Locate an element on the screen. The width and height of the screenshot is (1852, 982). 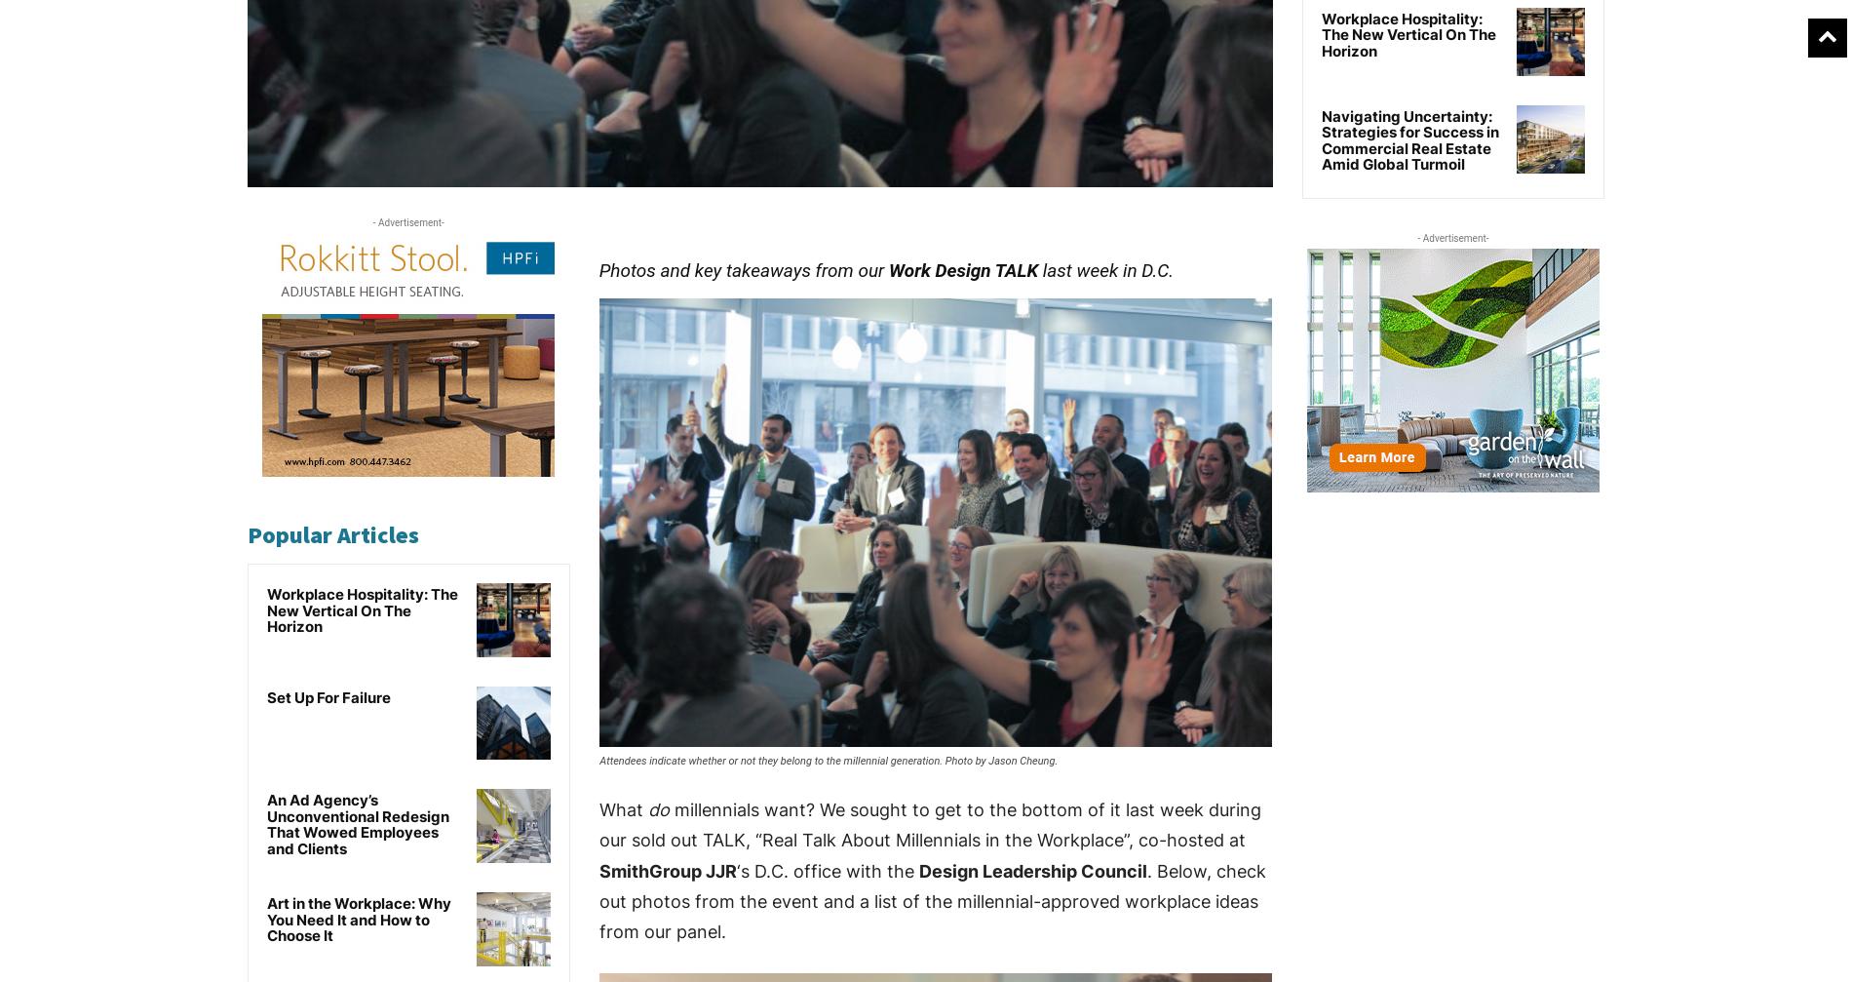
'SmithGroup JJR' is located at coordinates (598, 869).